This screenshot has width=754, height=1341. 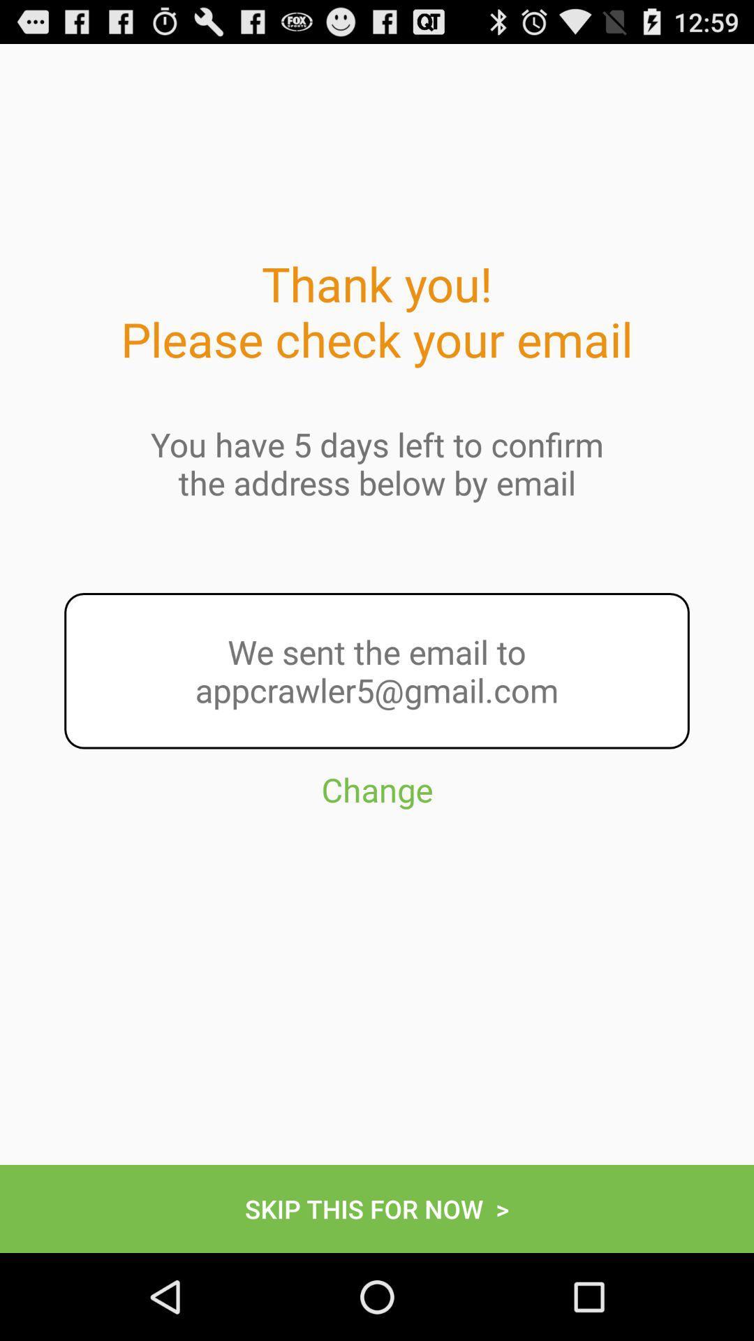 I want to click on button above the skip this for button, so click(x=377, y=852).